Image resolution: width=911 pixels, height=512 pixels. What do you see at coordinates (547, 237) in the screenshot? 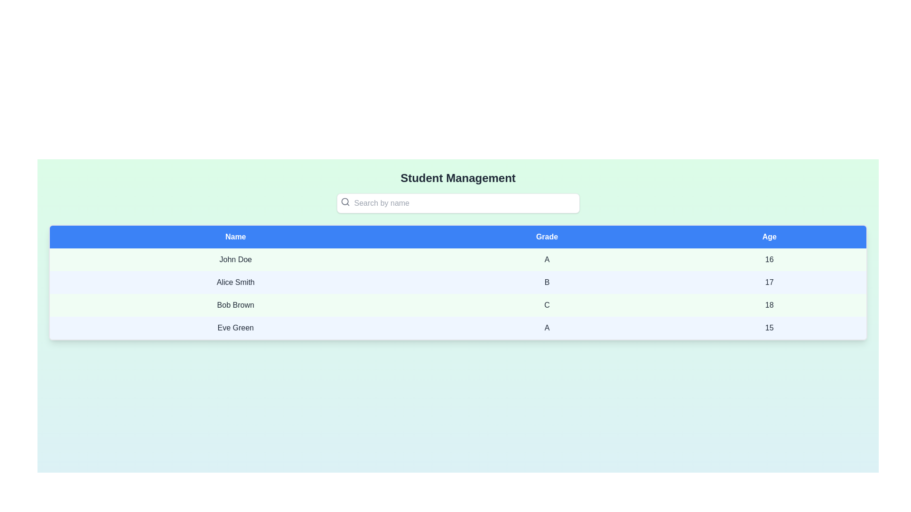
I see `the 'Grade' text label, which is the second header in a table row` at bounding box center [547, 237].